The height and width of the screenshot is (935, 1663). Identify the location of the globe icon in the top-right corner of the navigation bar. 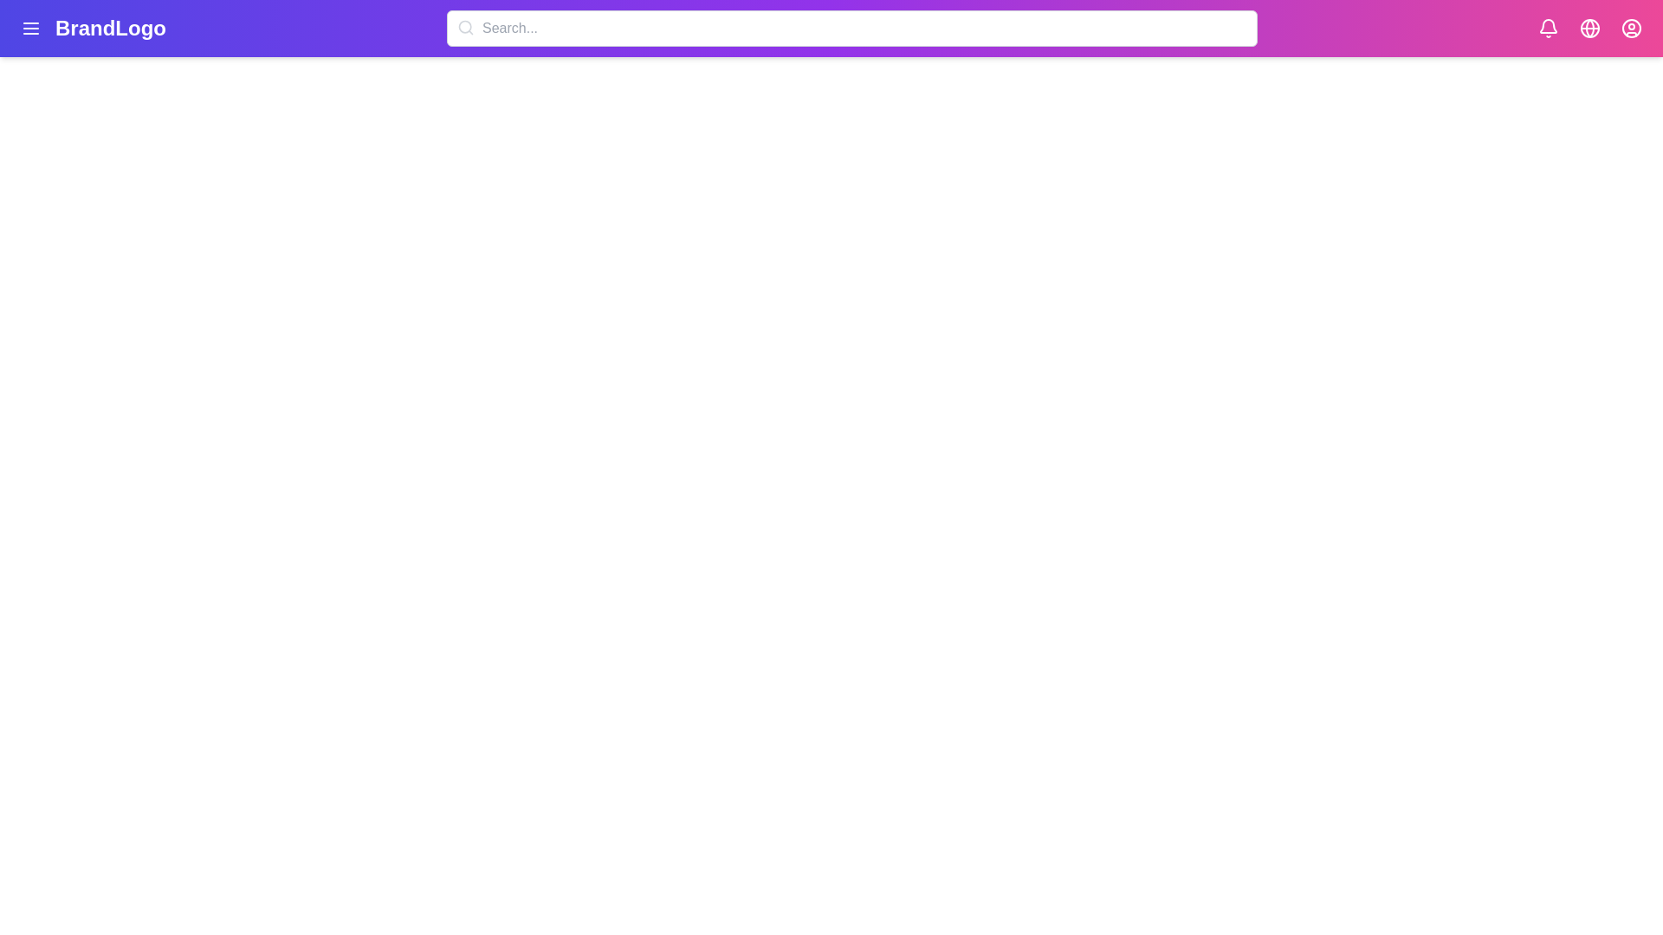
(1589, 29).